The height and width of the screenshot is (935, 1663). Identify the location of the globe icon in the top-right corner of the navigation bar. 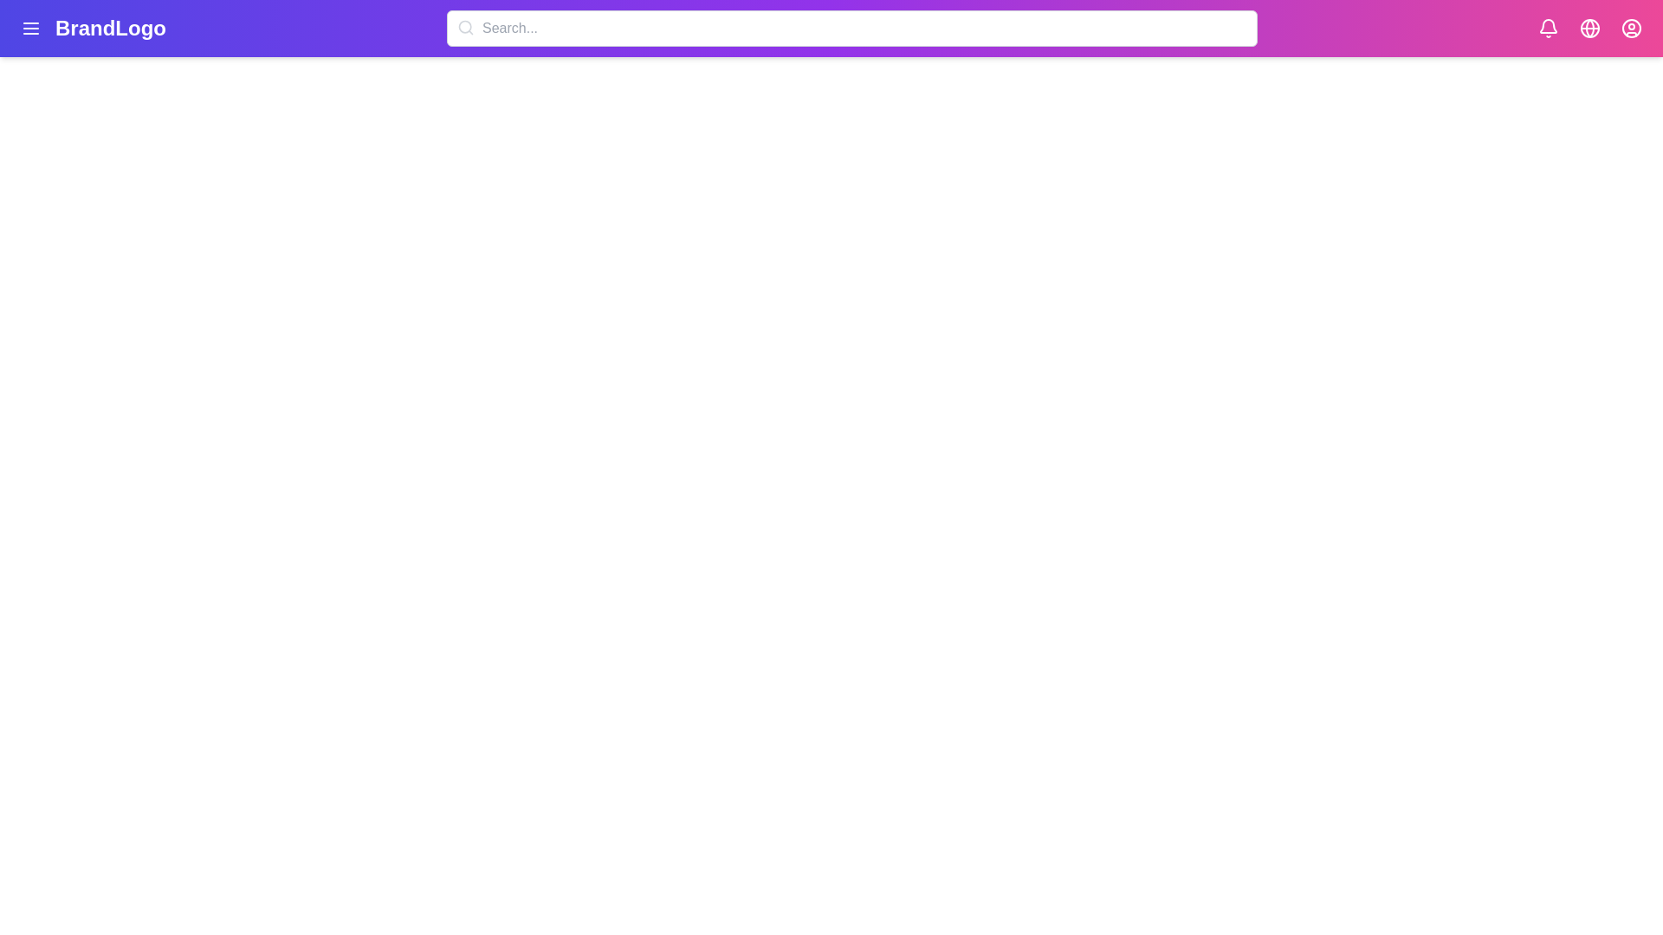
(1589, 29).